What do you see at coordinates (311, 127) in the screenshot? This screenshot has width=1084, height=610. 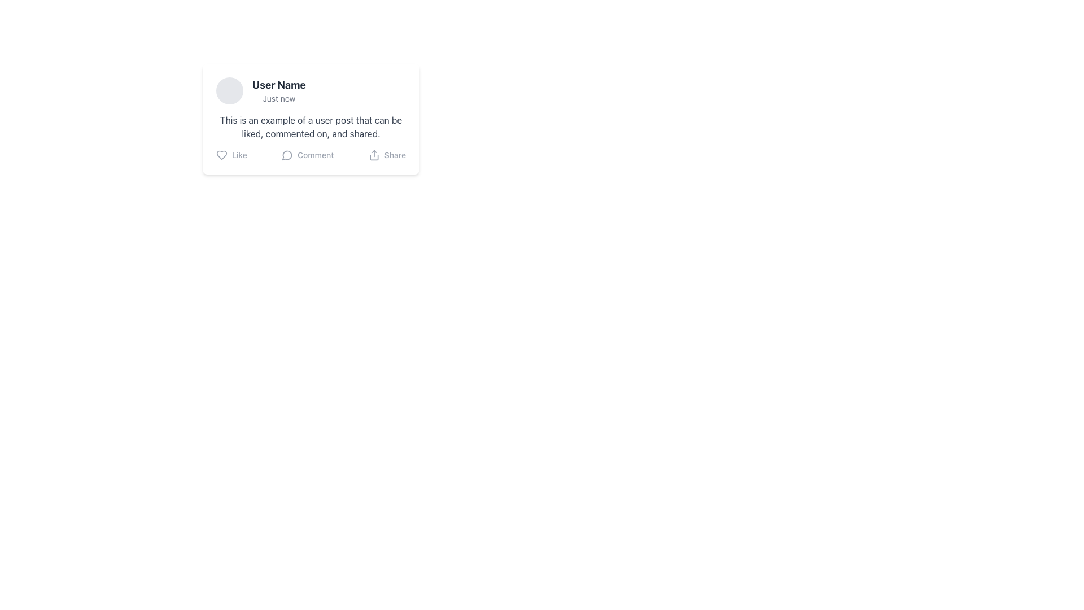 I see `the text block that reads 'This is an example of a user post that can be liked, commented on, and shared.' to focus on the post` at bounding box center [311, 127].